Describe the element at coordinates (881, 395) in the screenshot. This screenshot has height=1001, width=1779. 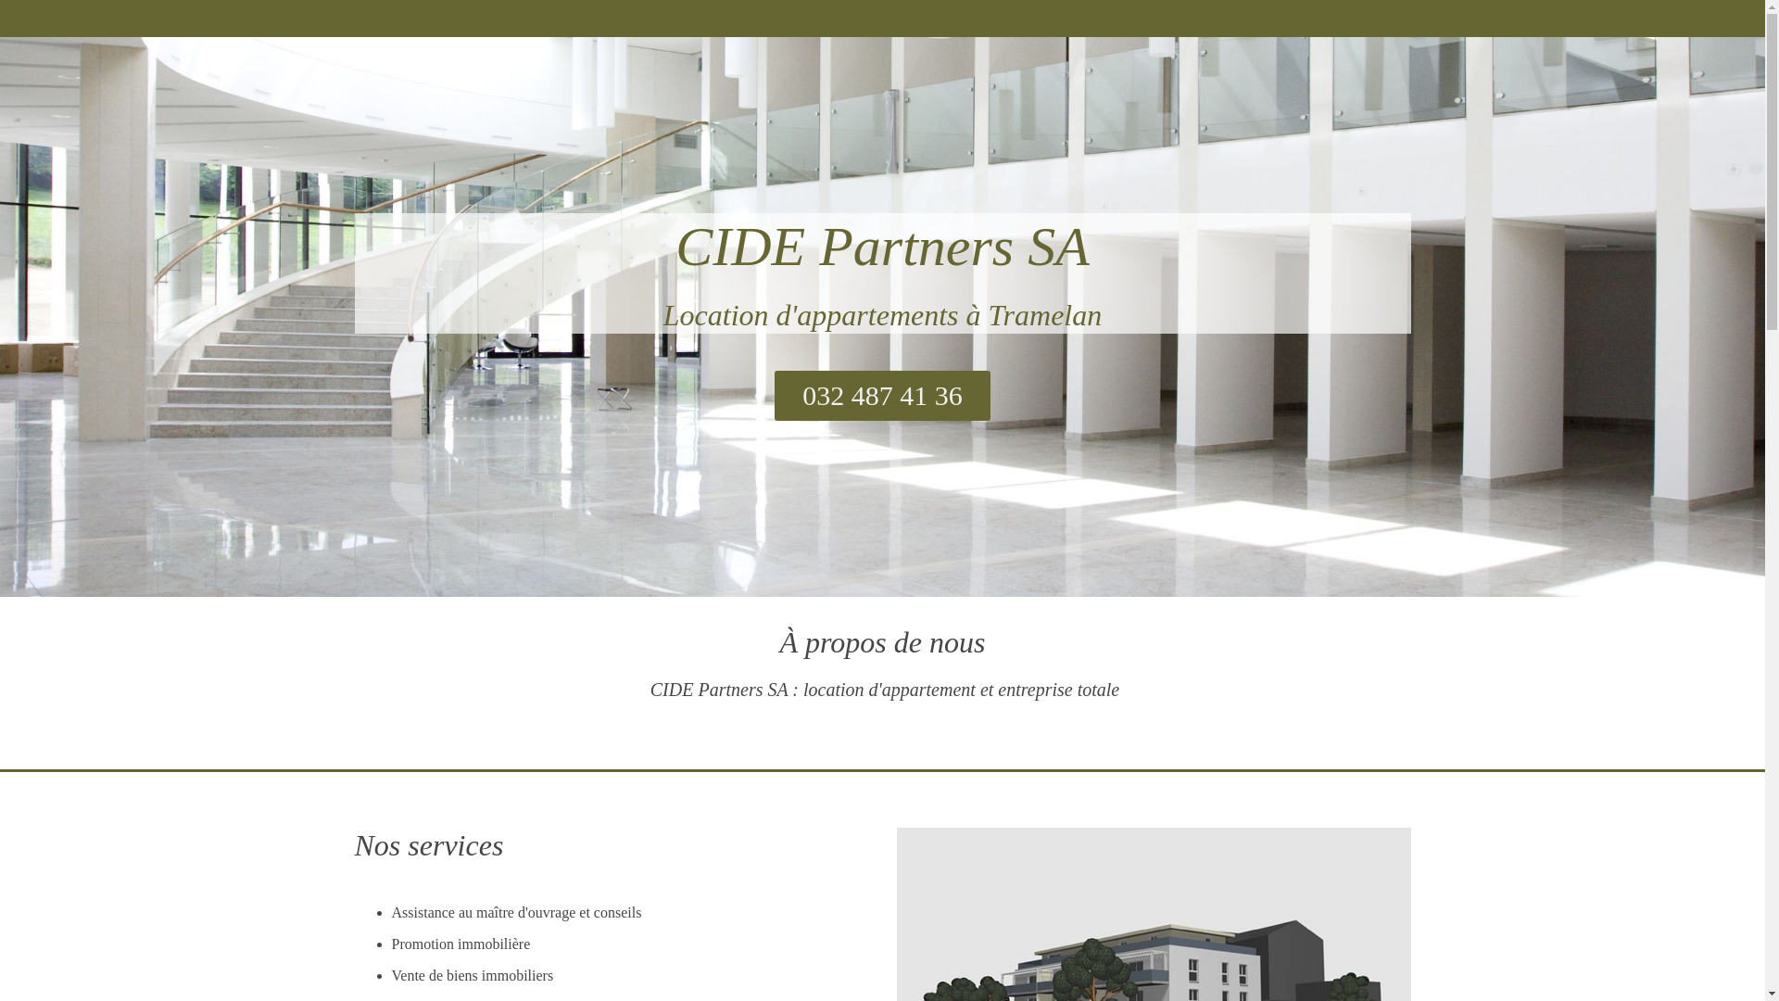
I see `'032 487 41 36'` at that location.